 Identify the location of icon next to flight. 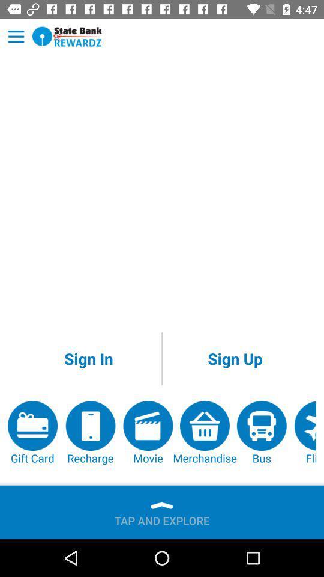
(261, 433).